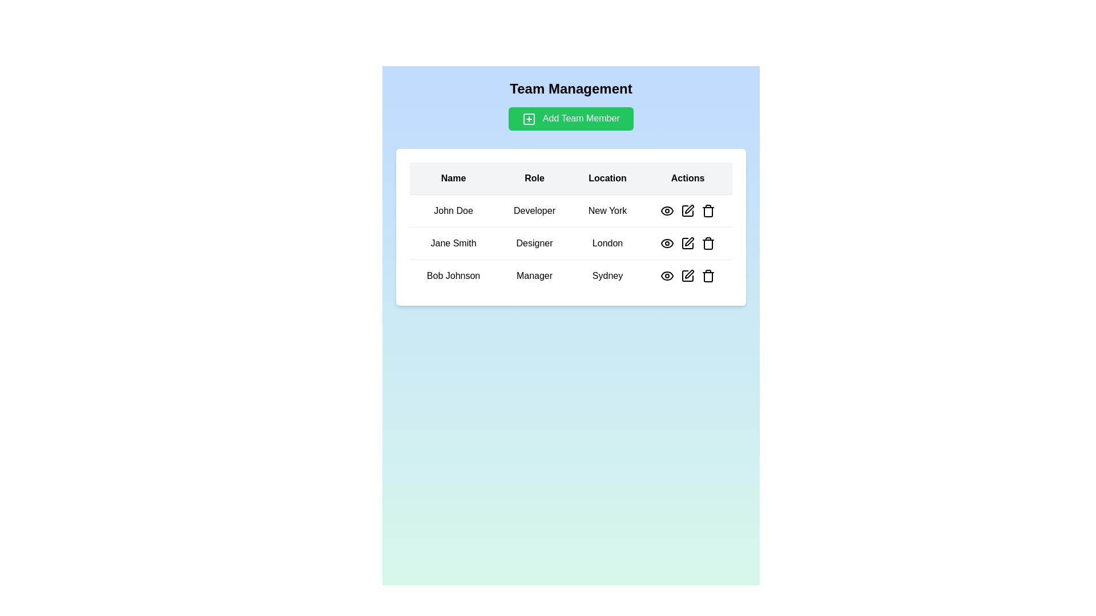  I want to click on the trash can icon button in the 'Actions' column of the first row in the table to initiate deletion, so click(708, 210).